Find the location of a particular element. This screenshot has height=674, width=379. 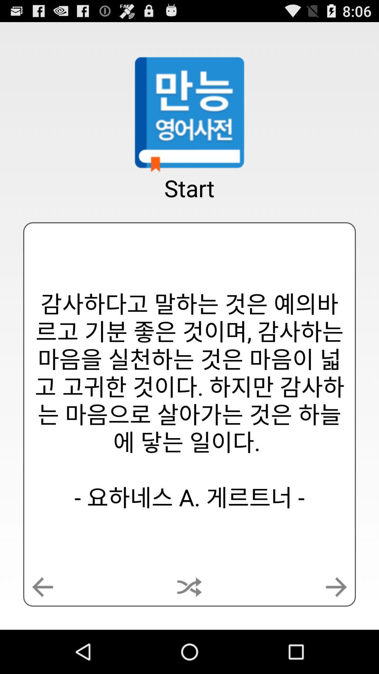

the button at the bottom right corner is located at coordinates (336, 587).